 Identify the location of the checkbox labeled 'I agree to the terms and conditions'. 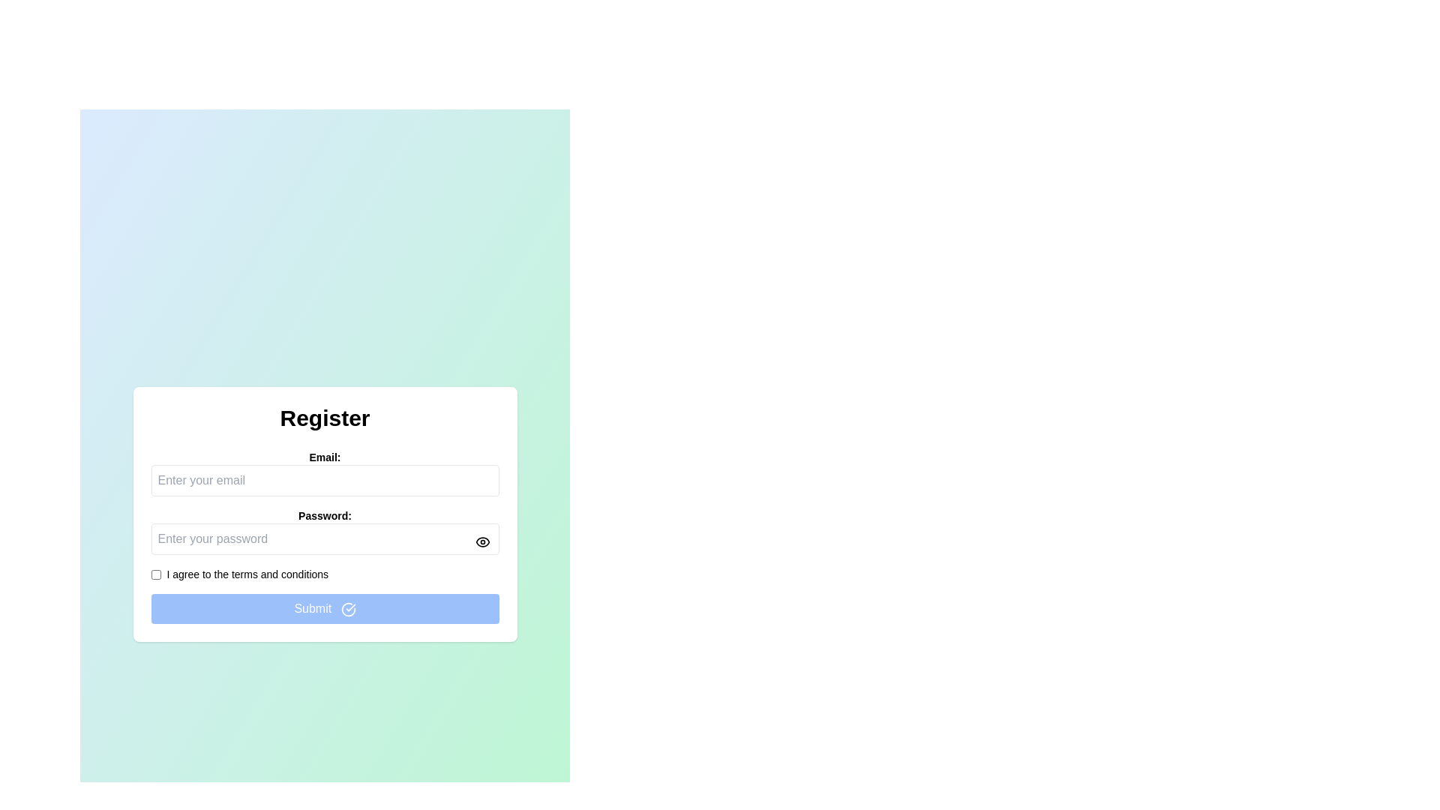
(324, 574).